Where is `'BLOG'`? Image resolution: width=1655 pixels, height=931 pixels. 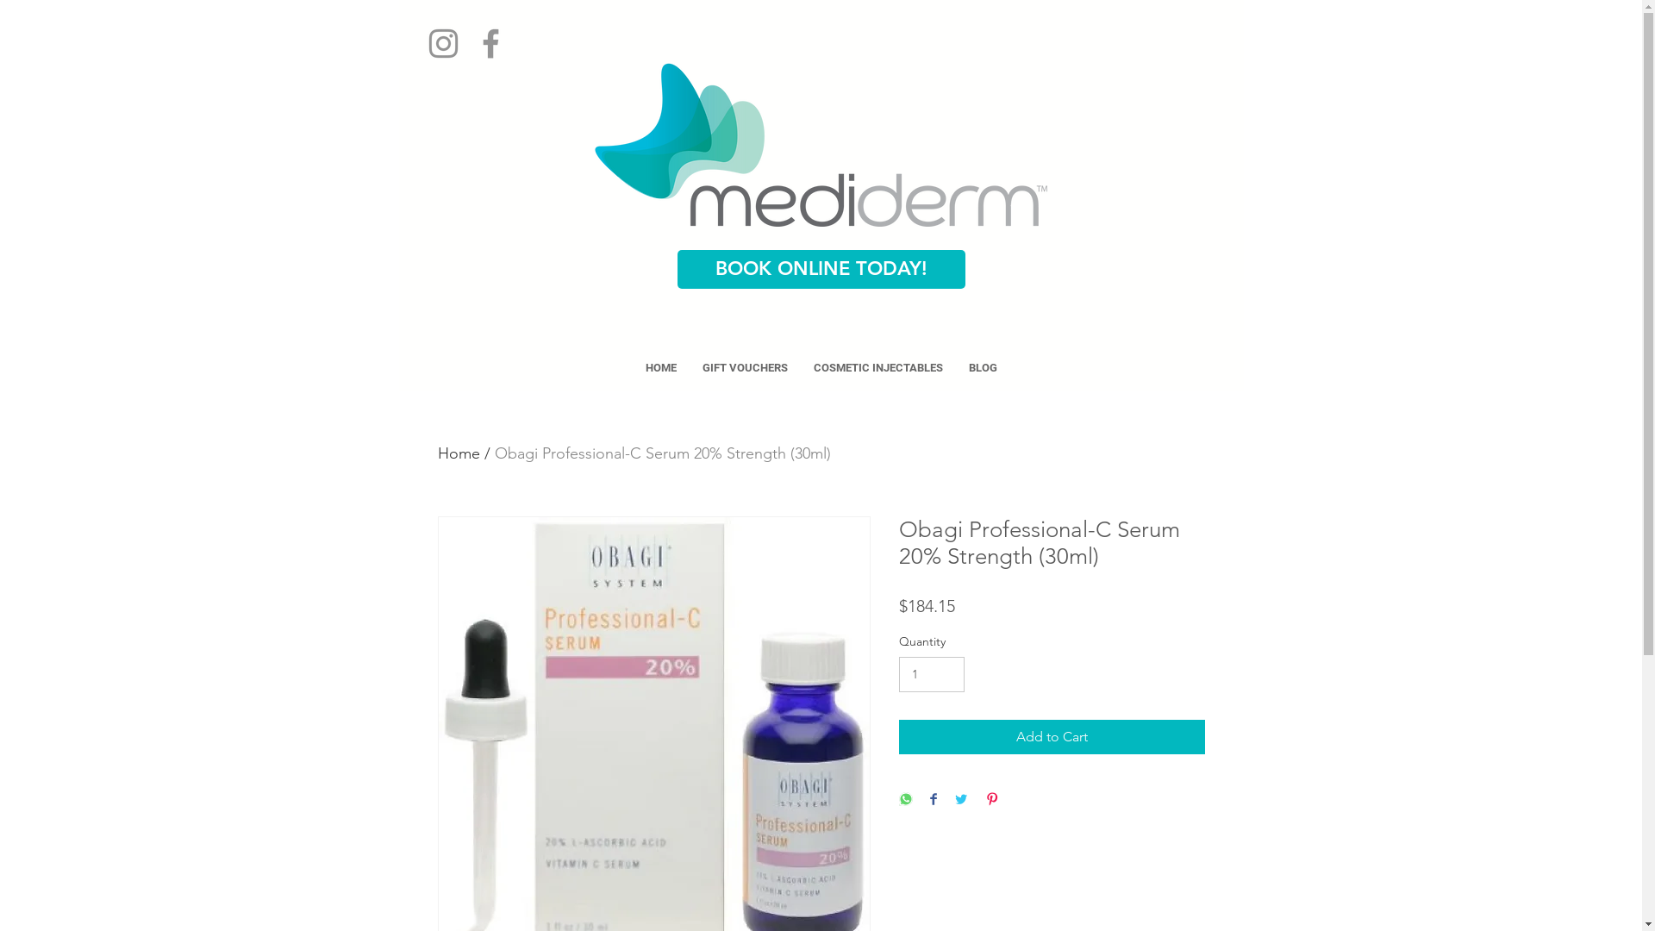 'BLOG' is located at coordinates (983, 367).